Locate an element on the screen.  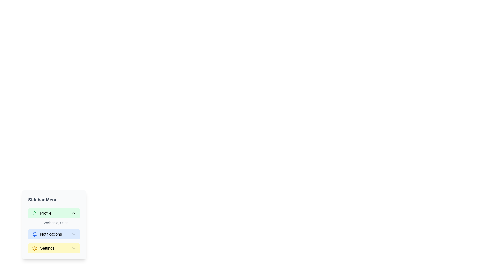
the blue cloud-like curved shape that is part of the bell icon within the 'Notifications' menu in the left sidebar is located at coordinates (34, 234).